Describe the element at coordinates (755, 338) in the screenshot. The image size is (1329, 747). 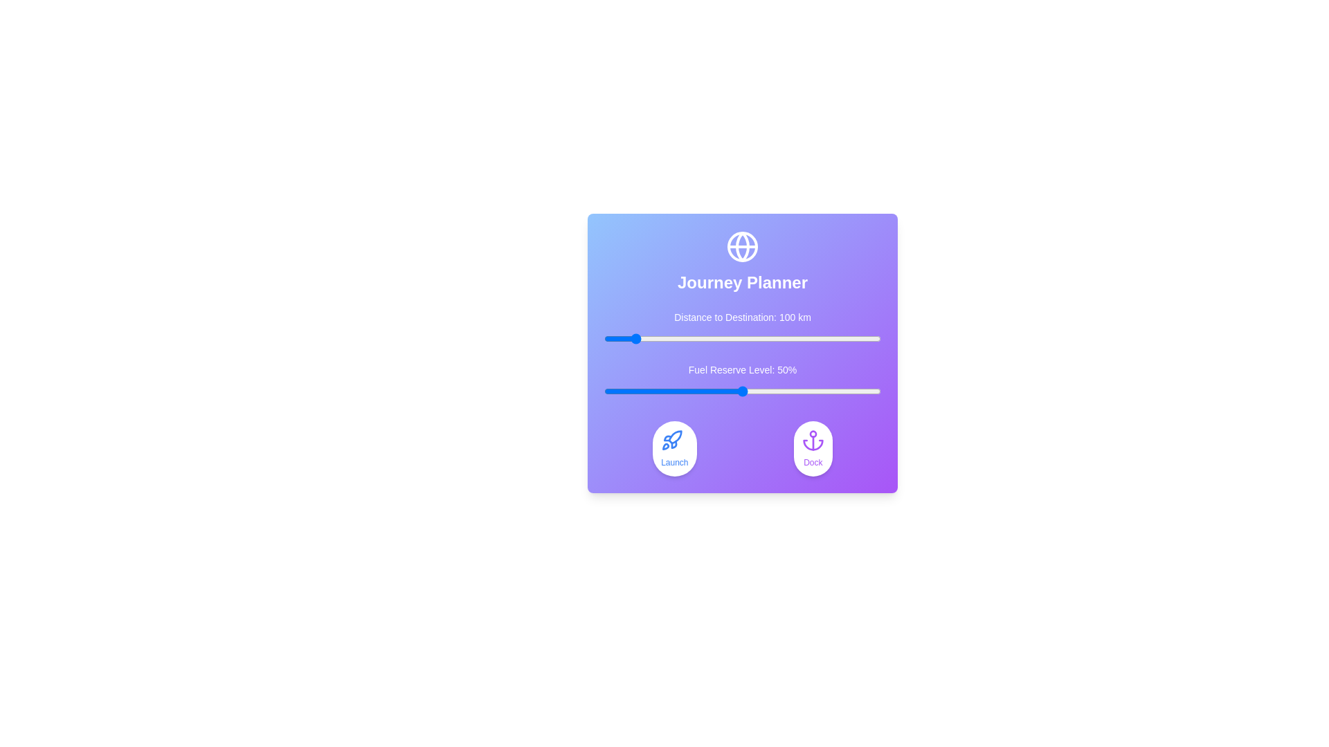
I see `the distance slider to 549 km` at that location.